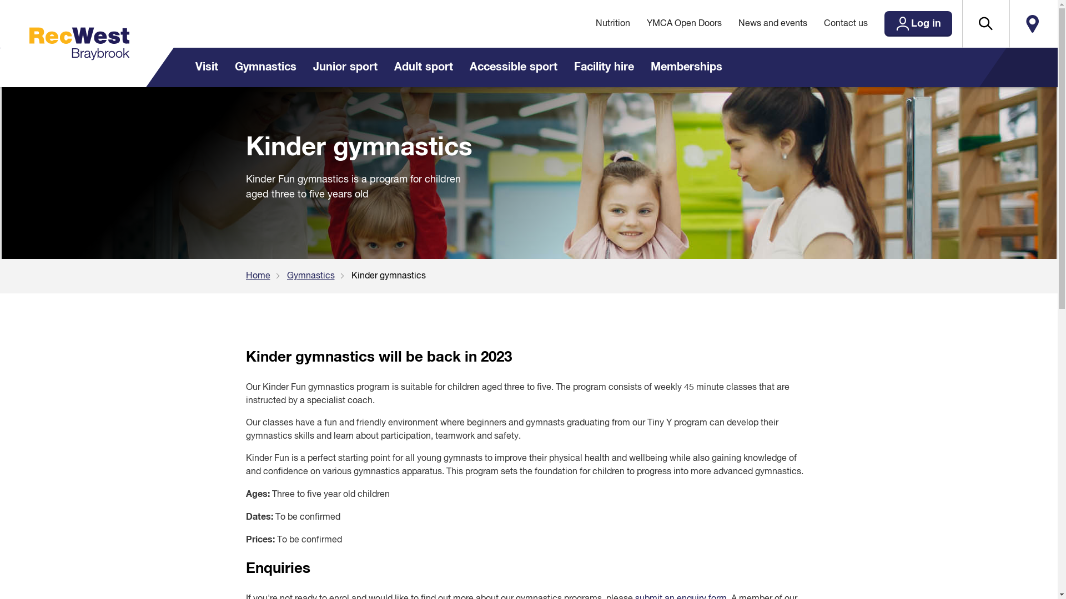 This screenshot has width=1066, height=599. What do you see at coordinates (385, 67) in the screenshot?
I see `'Adult sport'` at bounding box center [385, 67].